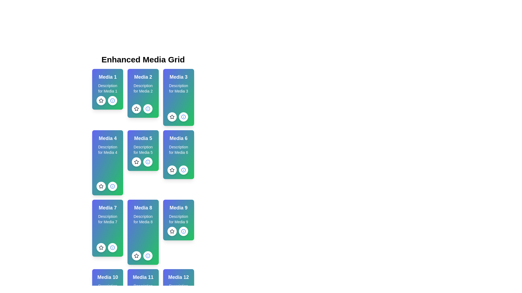 The image size is (522, 293). Describe the element at coordinates (136, 256) in the screenshot. I see `the circular button with a white background and dark gray star icon located in the bottom-left corner of the 'Media 8' card` at that location.